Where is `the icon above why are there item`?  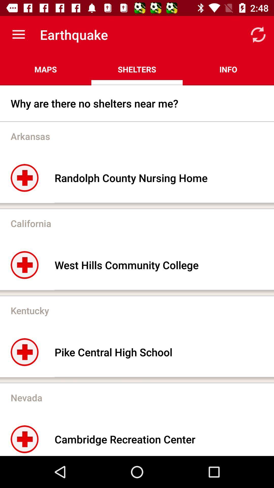 the icon above why are there item is located at coordinates (228, 69).